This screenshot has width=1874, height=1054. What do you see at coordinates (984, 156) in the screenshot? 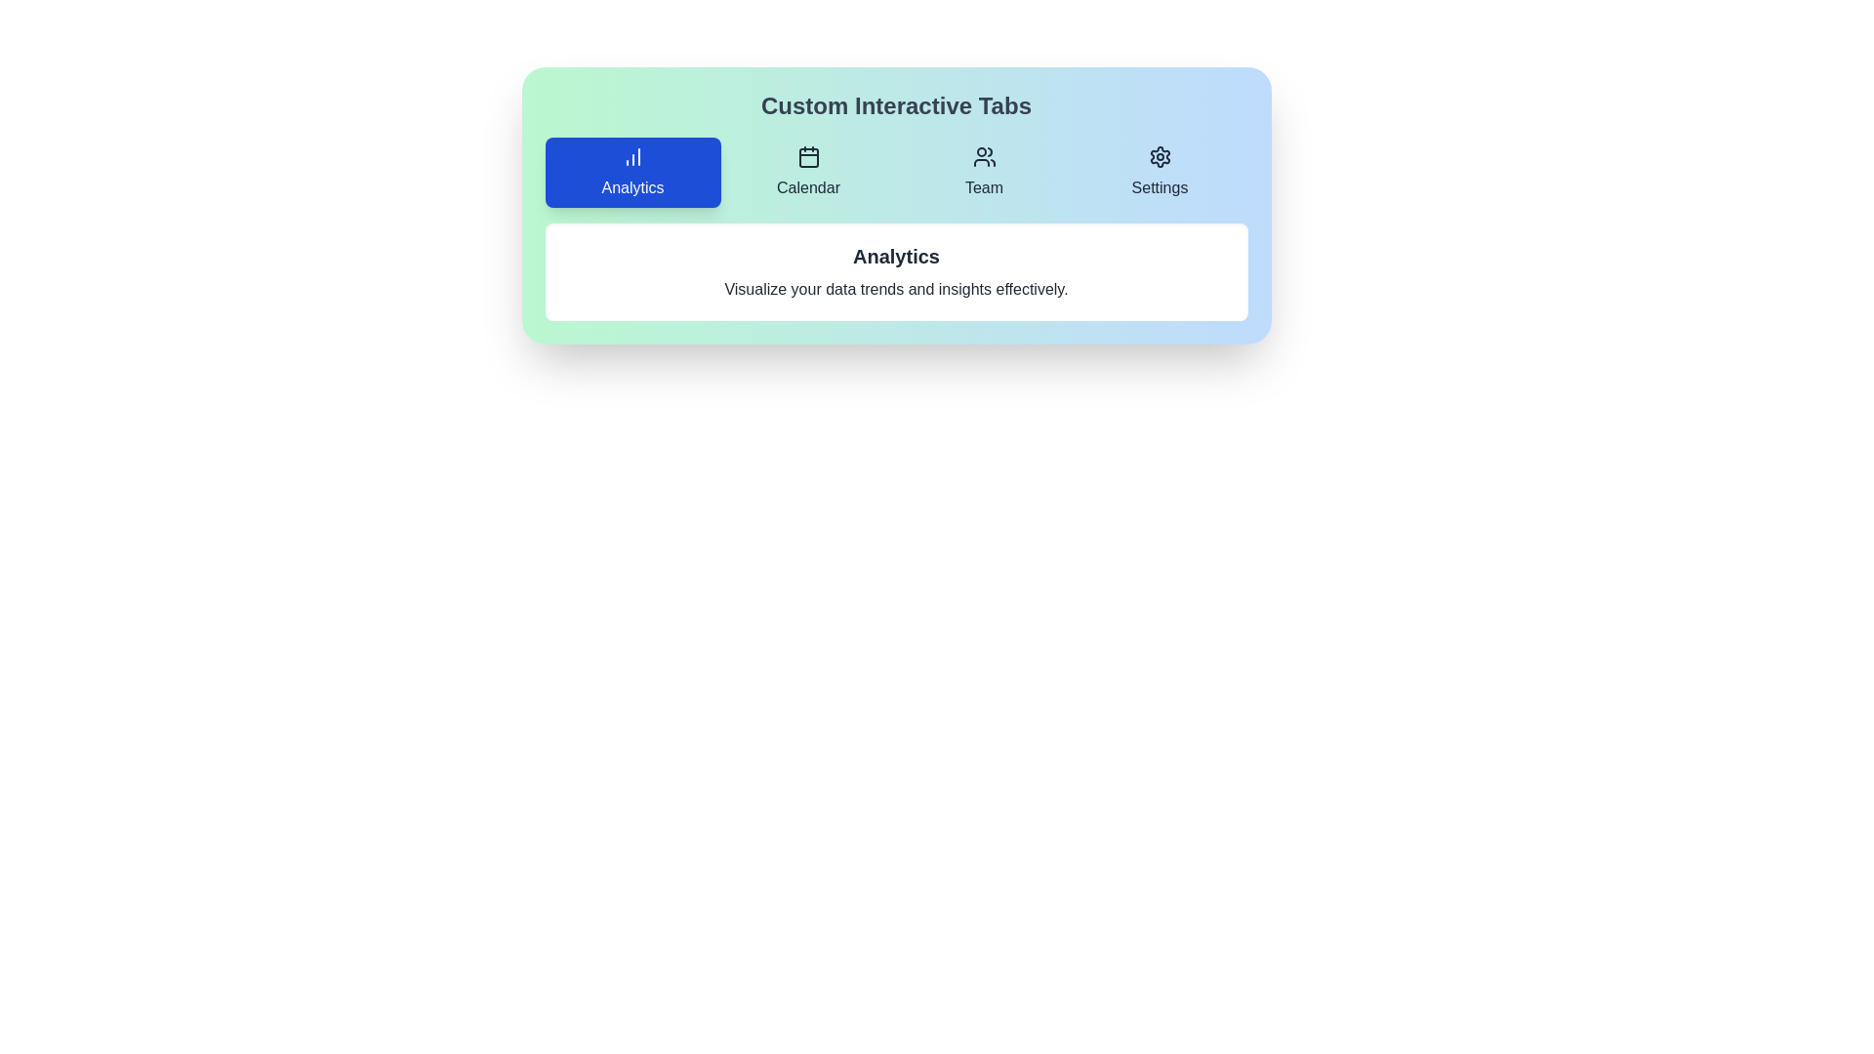
I see `the 'Team' tab icon in the navigation menu, which is the third option from the left and associated with team-related content` at bounding box center [984, 156].